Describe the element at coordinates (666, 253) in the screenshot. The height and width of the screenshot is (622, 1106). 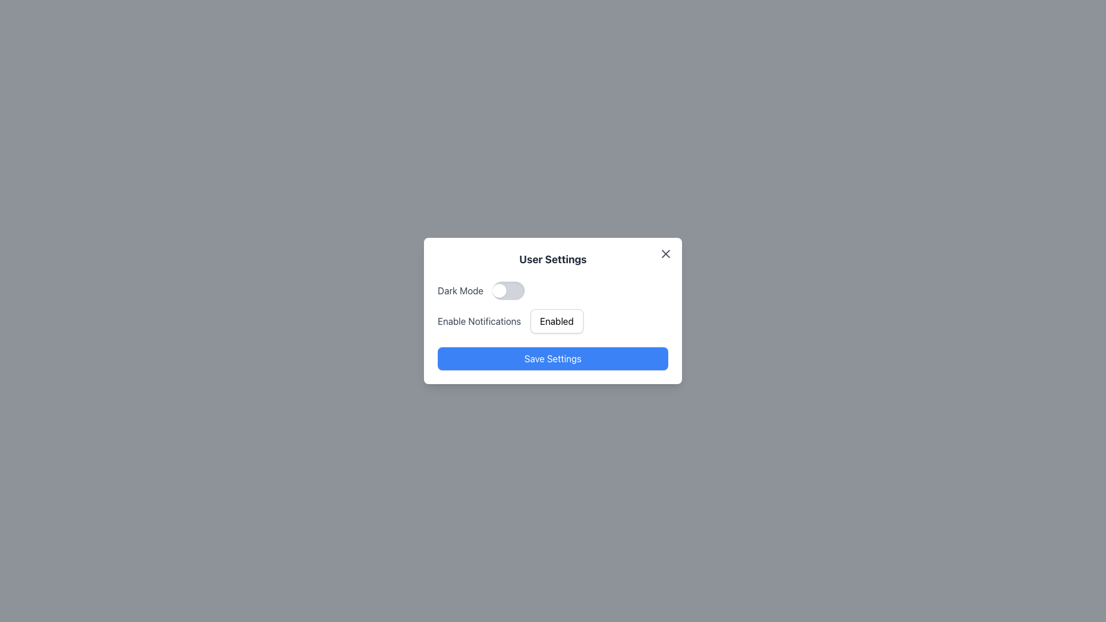
I see `the close button located in the top-right corner of the 'User Settings' dialog box` at that location.